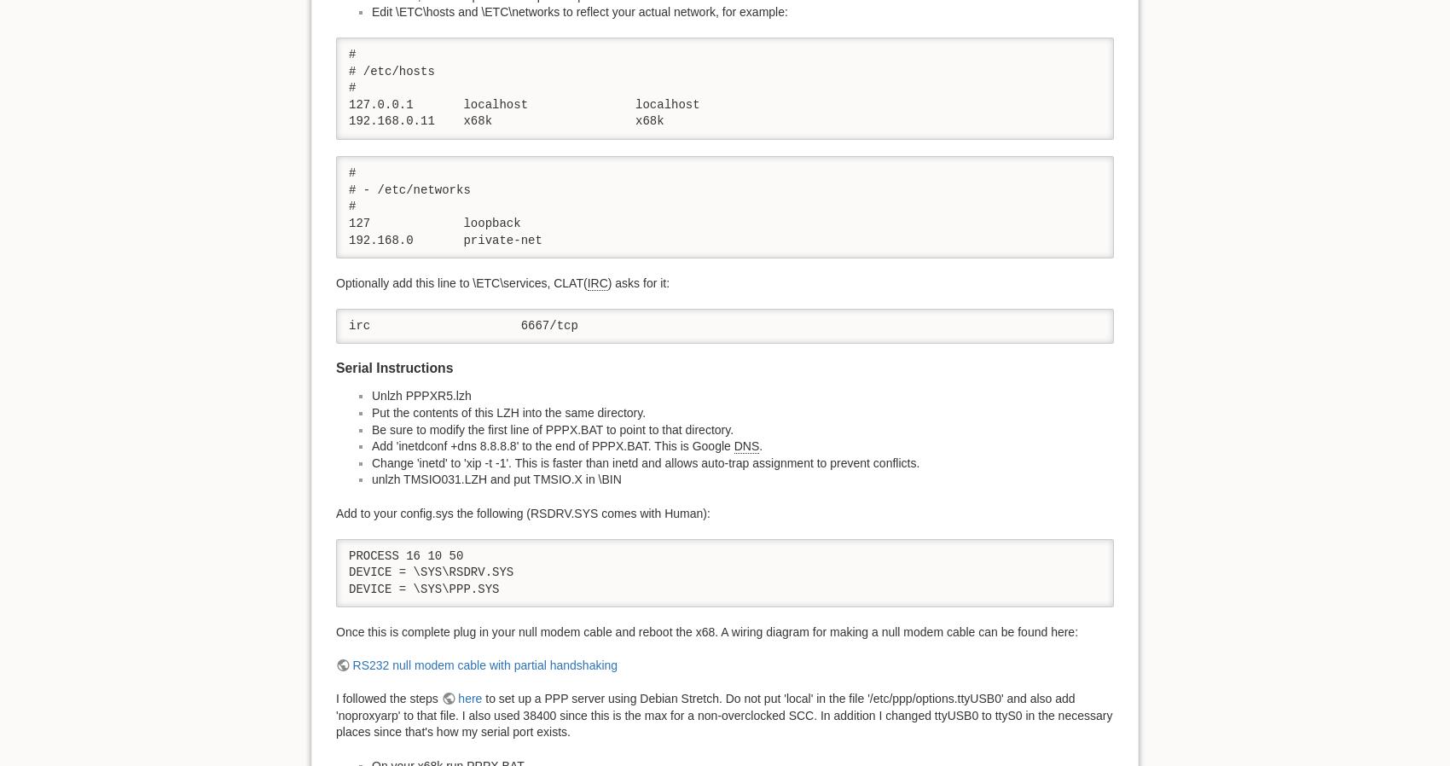  What do you see at coordinates (597, 282) in the screenshot?
I see `'IRC'` at bounding box center [597, 282].